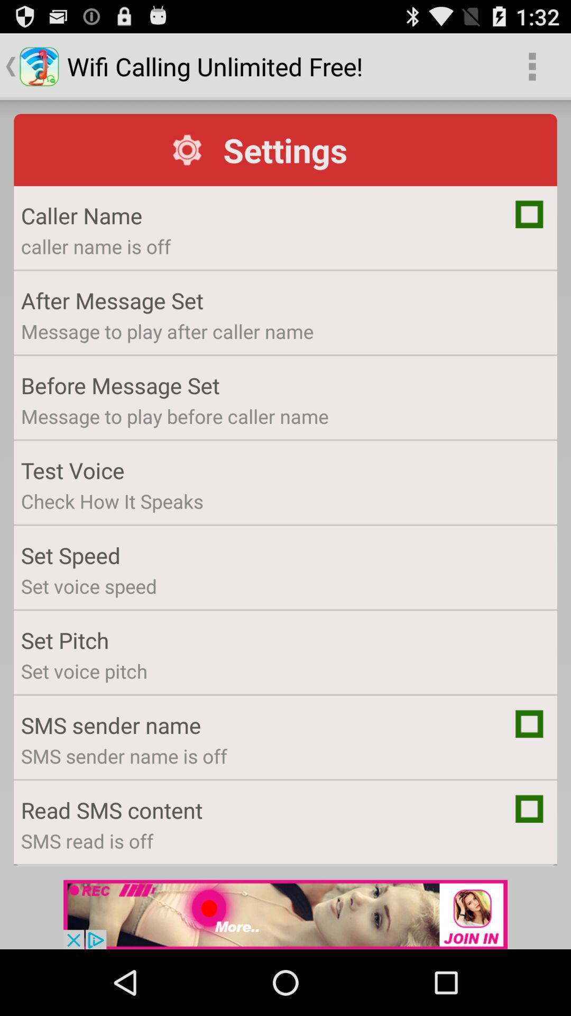  Describe the element at coordinates (529, 723) in the screenshot. I see `turn setting on` at that location.